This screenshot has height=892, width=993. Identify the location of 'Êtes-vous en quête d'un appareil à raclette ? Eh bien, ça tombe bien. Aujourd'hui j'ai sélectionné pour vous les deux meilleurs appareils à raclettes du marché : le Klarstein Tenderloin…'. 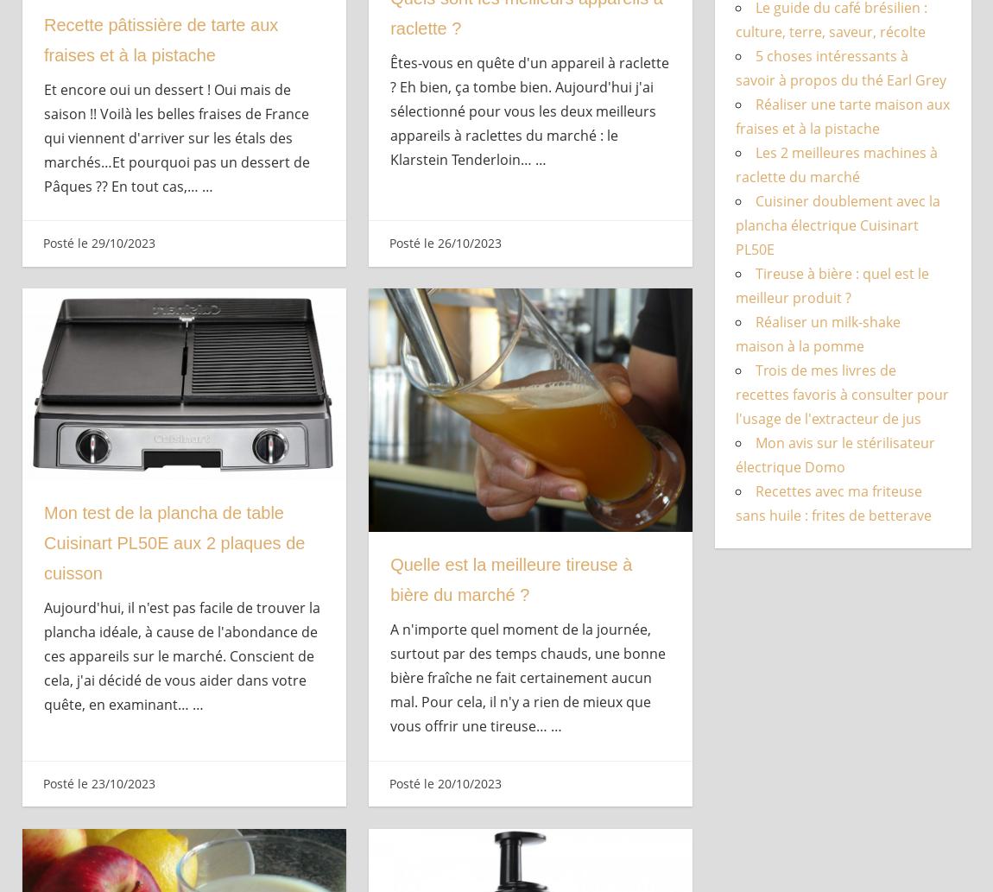
(389, 110).